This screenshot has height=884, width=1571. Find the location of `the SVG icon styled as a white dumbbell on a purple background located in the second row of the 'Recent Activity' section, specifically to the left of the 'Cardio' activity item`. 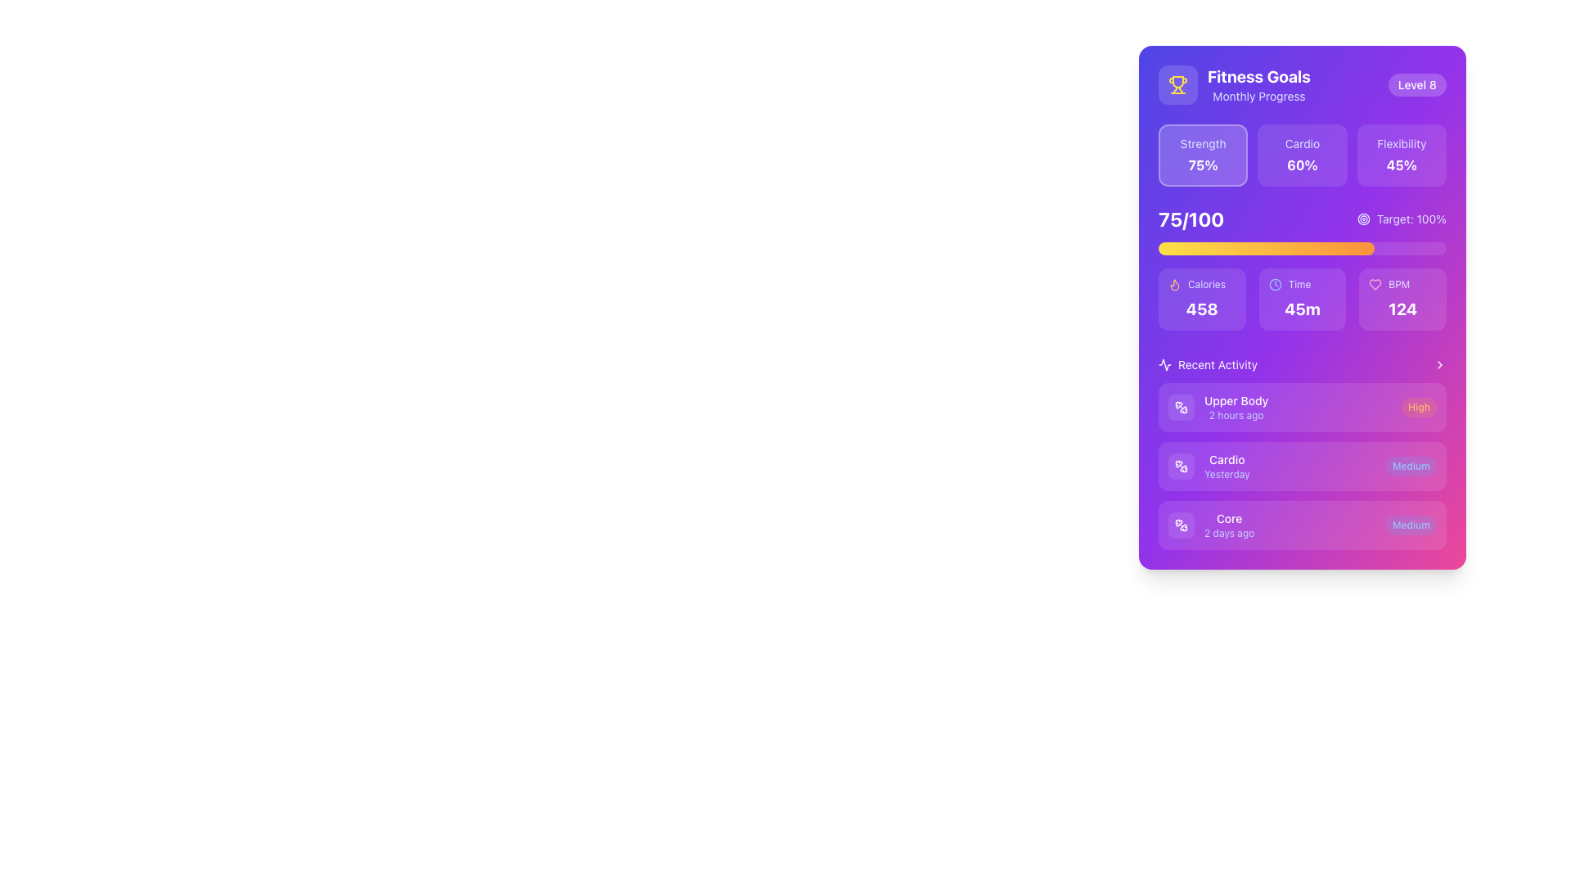

the SVG icon styled as a white dumbbell on a purple background located in the second row of the 'Recent Activity' section, specifically to the left of the 'Cardio' activity item is located at coordinates (1182, 467).